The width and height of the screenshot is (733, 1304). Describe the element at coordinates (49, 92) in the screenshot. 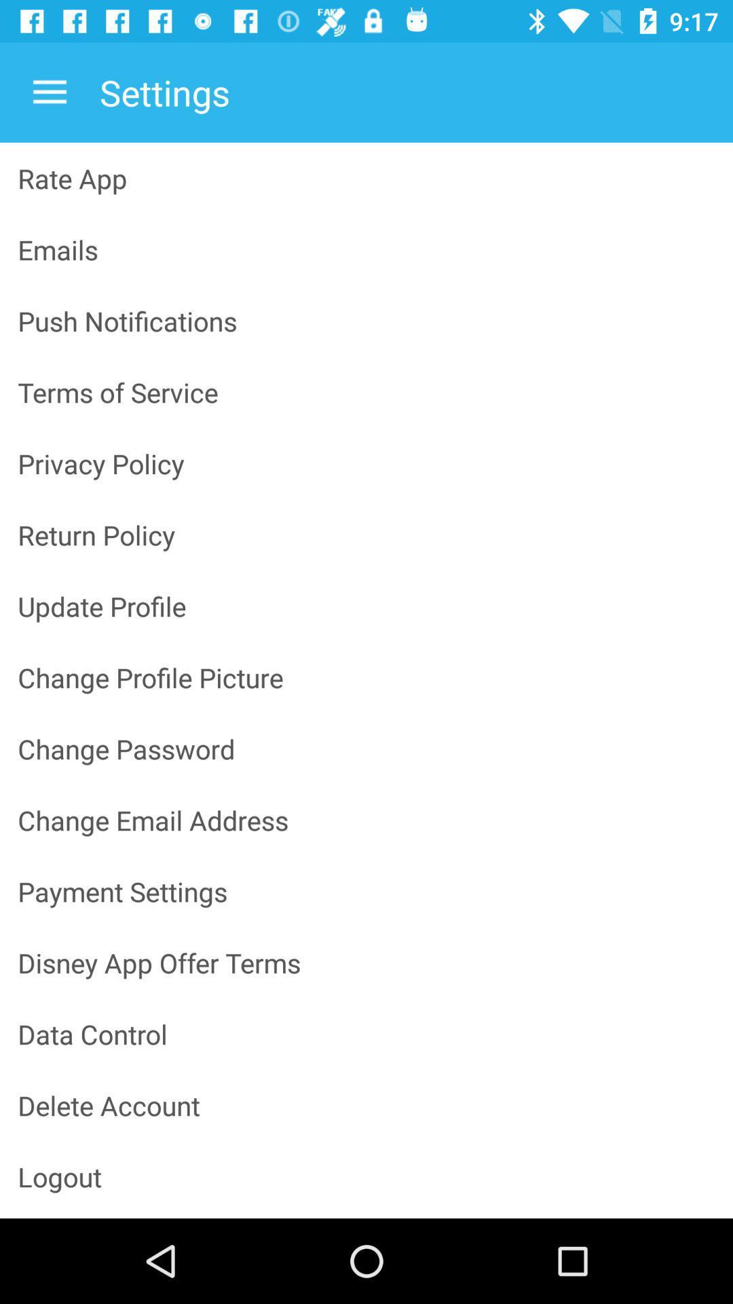

I see `item above the rate app item` at that location.